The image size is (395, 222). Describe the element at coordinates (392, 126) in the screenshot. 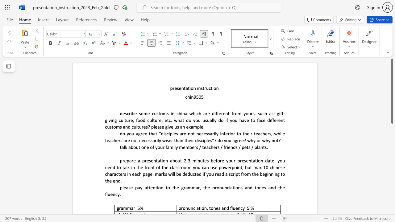

I see `the right-hand scrollbar to descend the page` at that location.